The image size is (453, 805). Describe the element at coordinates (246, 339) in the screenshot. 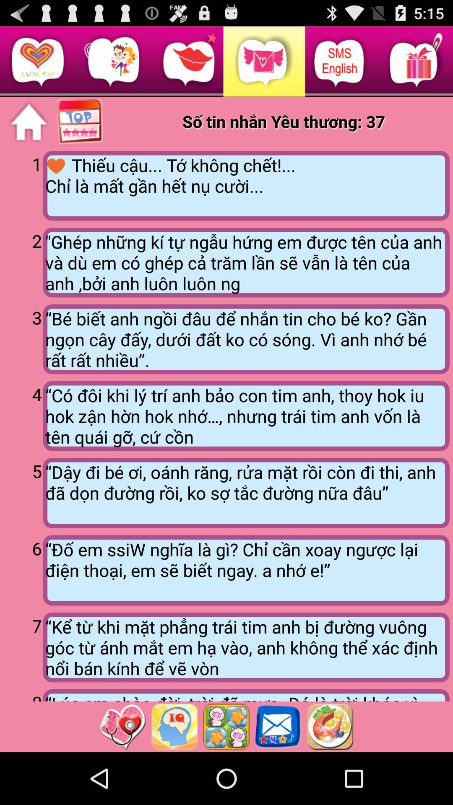

I see `the icon next to 3` at that location.